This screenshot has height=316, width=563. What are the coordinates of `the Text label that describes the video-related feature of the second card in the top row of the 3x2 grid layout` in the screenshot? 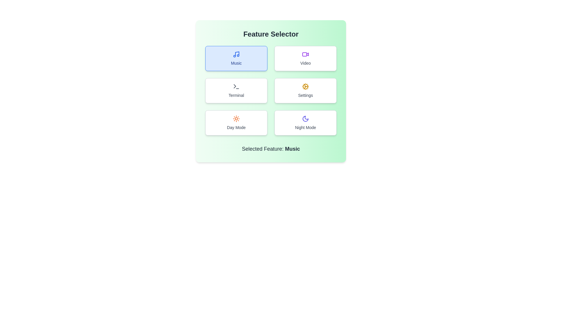 It's located at (305, 63).